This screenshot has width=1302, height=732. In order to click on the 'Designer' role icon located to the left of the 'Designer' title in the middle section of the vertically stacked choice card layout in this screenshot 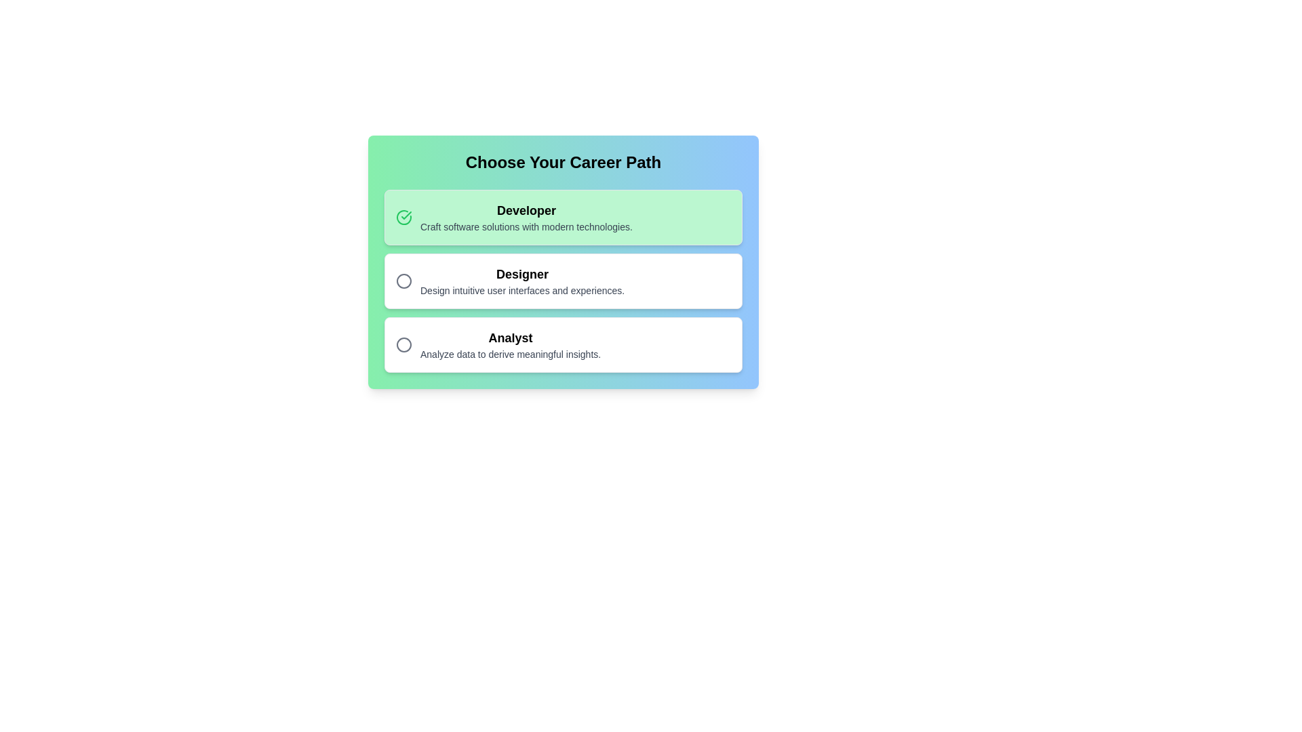, I will do `click(403, 281)`.